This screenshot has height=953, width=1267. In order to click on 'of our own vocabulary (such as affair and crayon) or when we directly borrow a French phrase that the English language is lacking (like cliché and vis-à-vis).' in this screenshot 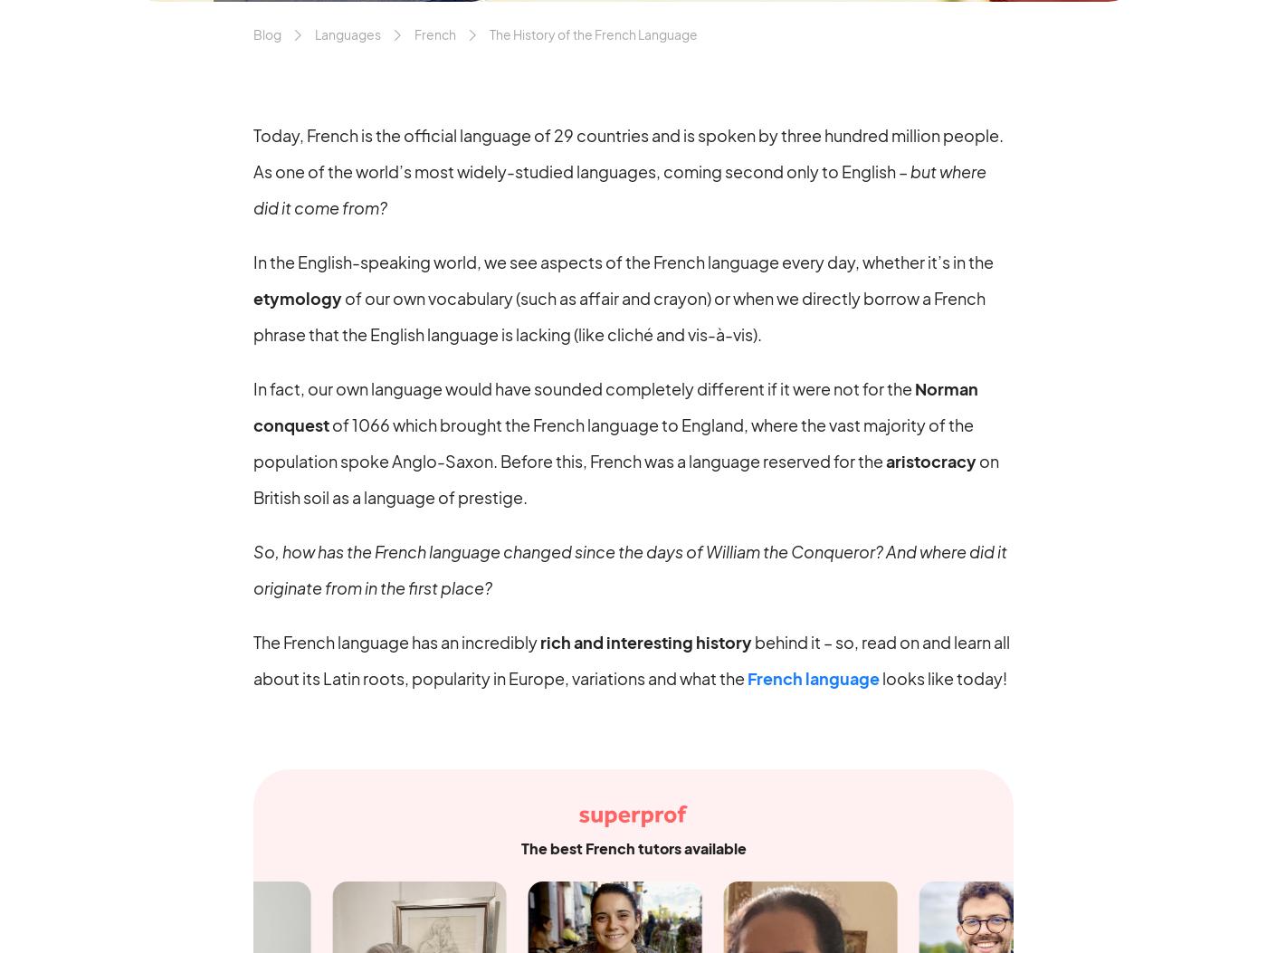, I will do `click(619, 314)`.